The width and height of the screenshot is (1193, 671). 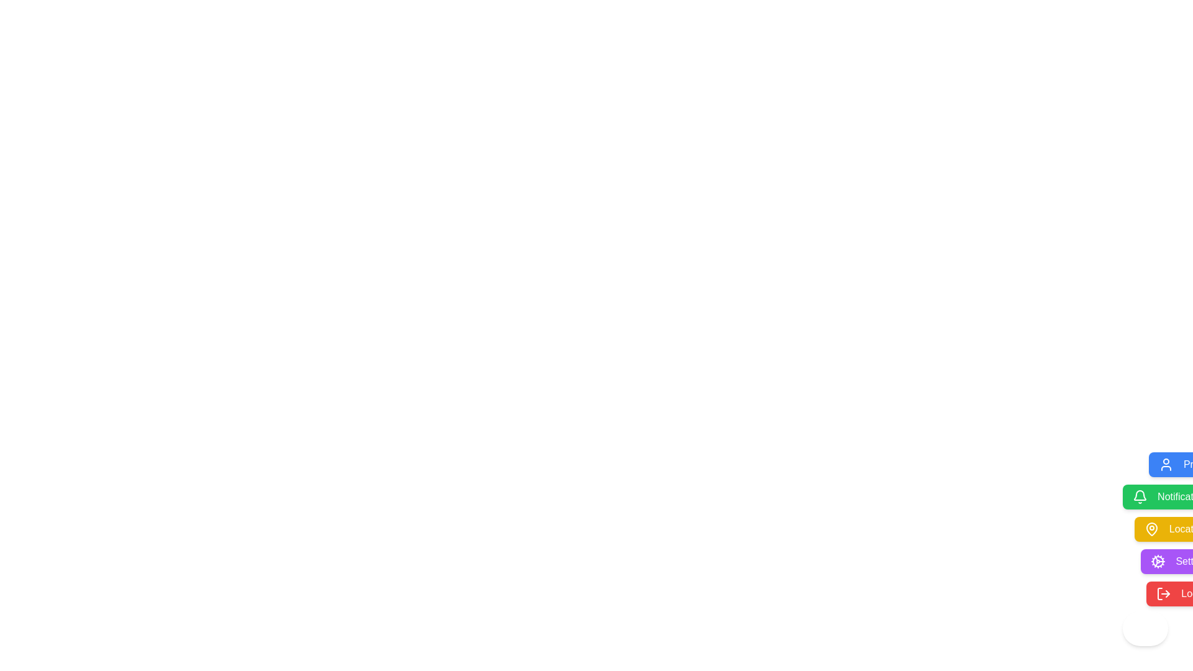 I want to click on the map pin icon integrated into the yellow 'Locations' button, which is the third button in a vertical sequence on the right side of the interface, so click(x=1151, y=529).